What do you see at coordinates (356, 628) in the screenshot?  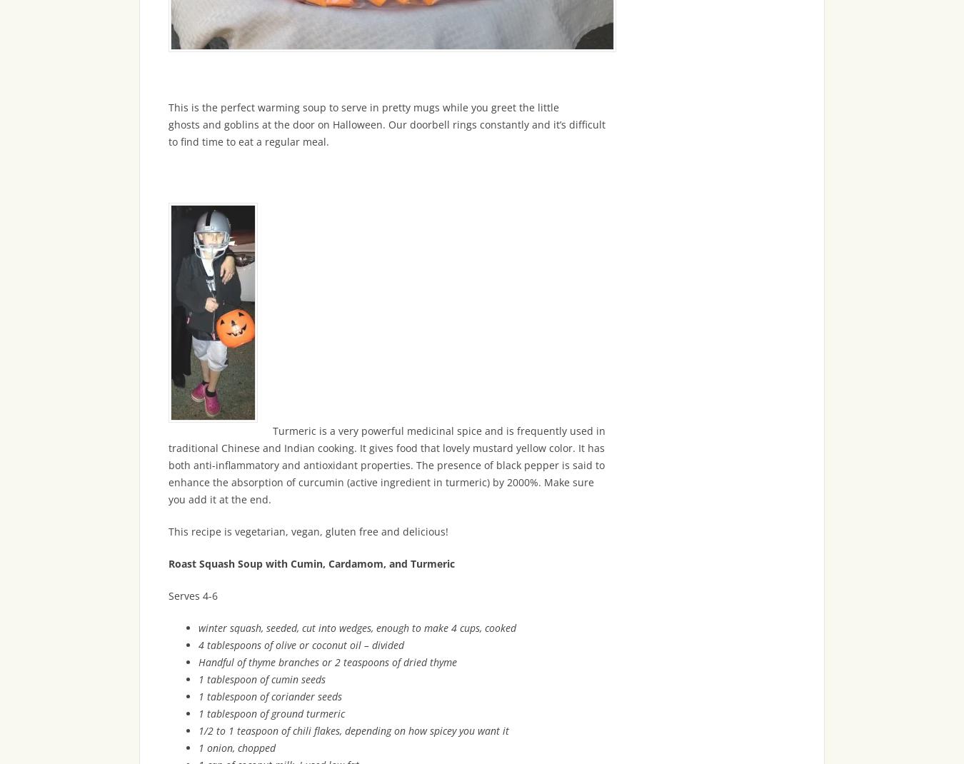 I see `'winter squash, seeded, cut into wedges, enough to make 4 cups, cooked'` at bounding box center [356, 628].